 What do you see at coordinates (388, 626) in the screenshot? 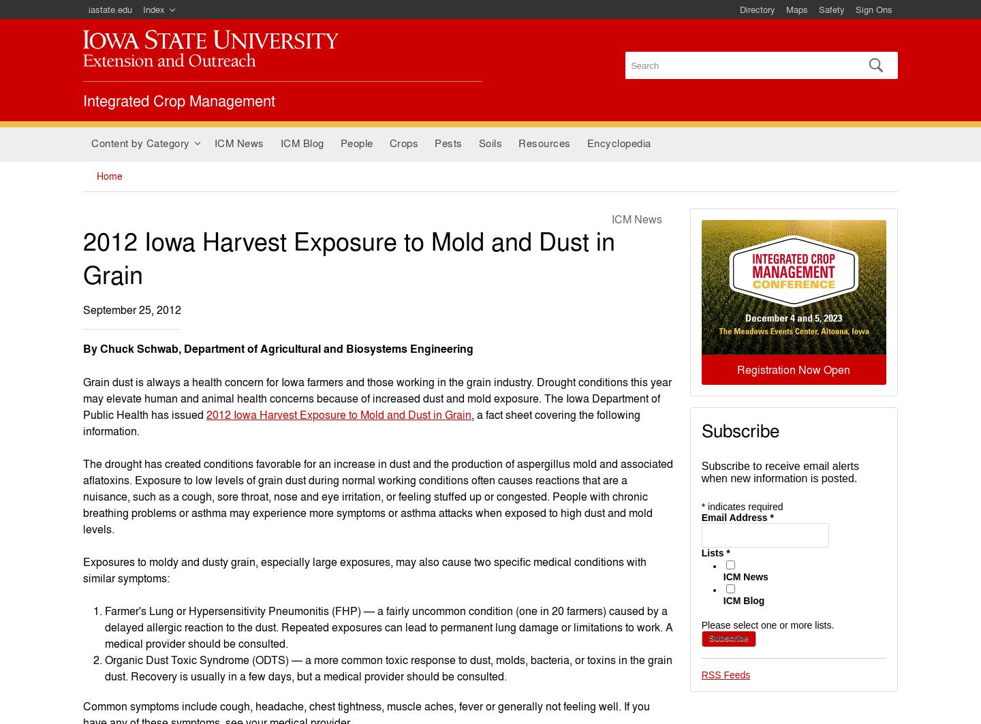
I see `'Farmer's Lung or Hypersensitivity Pneumonitis (FHP) — a fairly uncommon condition (one in 20 farmers) caused by a delayed allergic reaction to the dust. Repeated exposures can lead to permanent lung damage or limitations to work. A medical provider should be consulted.'` at bounding box center [388, 626].